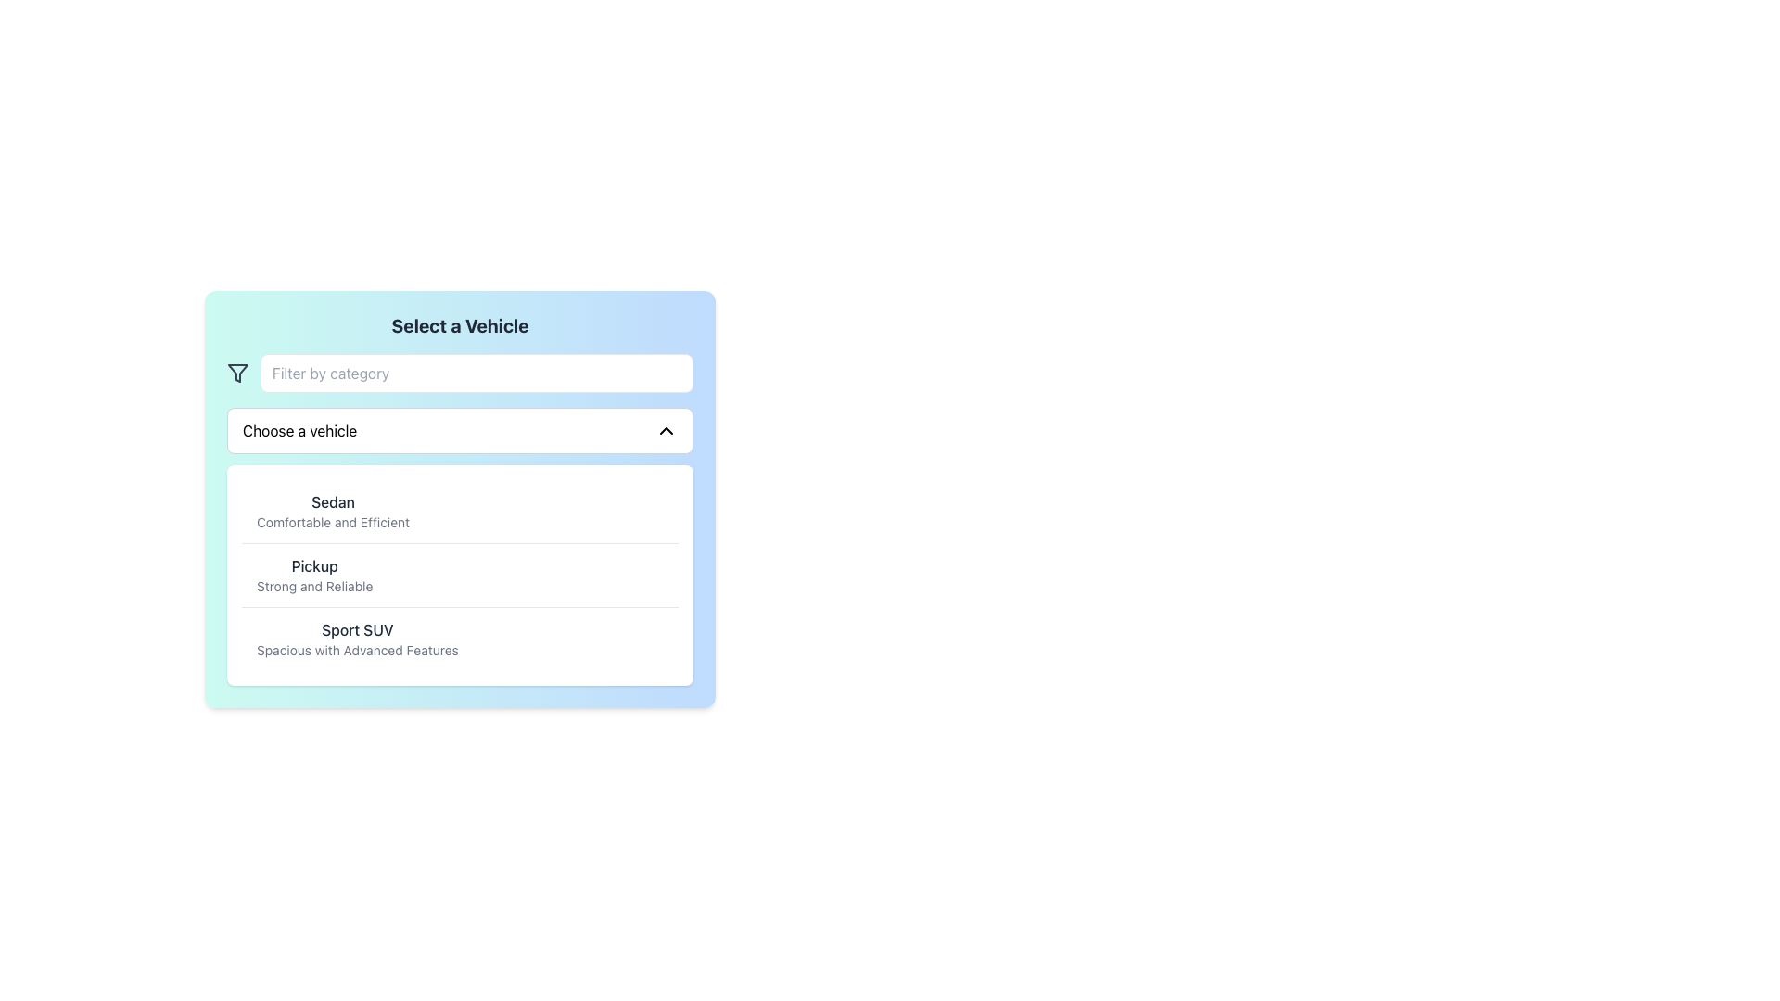  What do you see at coordinates (357, 650) in the screenshot?
I see `the text block reading 'Spacious with Advanced Features', which is styled in a smaller gray font and located under the bold 'Sport SUV' text in the dropdown menu` at bounding box center [357, 650].